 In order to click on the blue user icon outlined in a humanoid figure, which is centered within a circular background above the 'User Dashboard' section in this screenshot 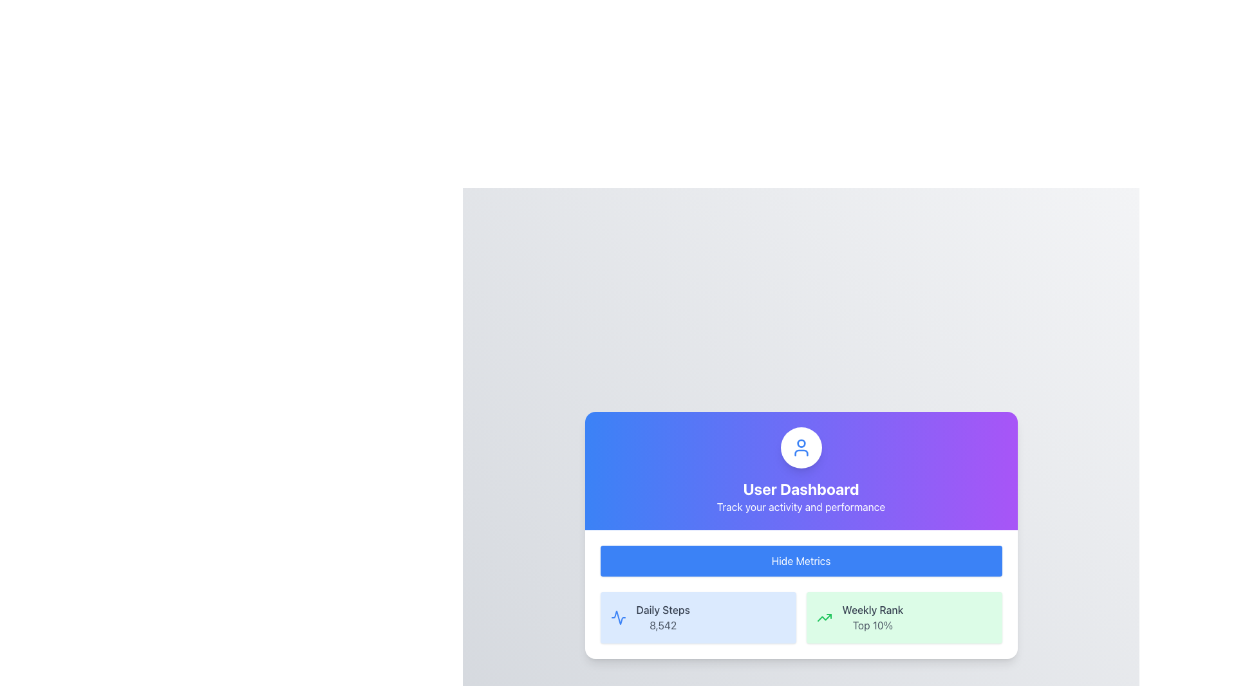, I will do `click(800, 447)`.